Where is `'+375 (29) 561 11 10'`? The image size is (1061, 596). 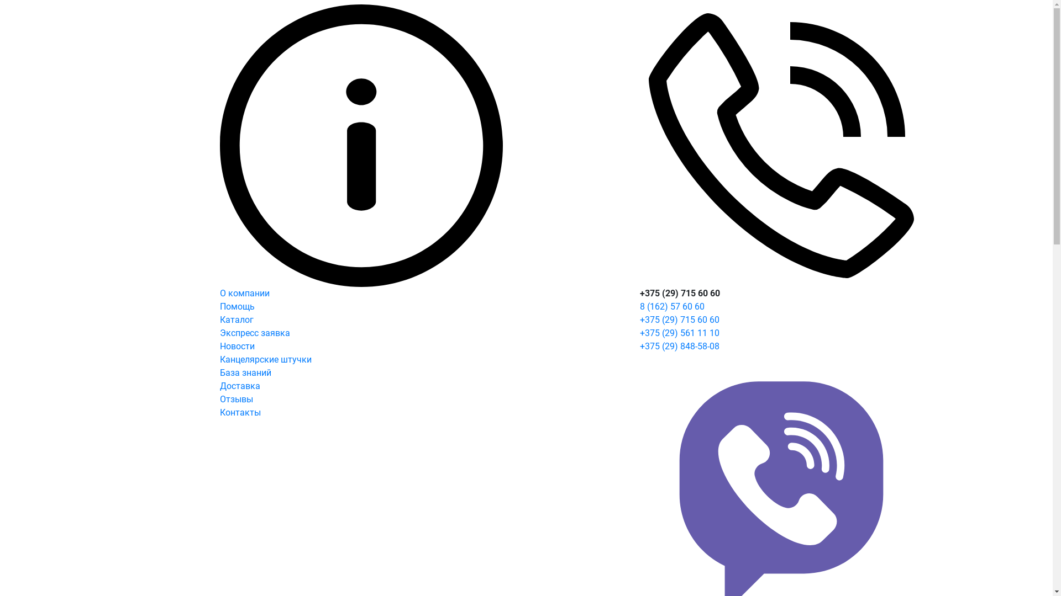 '+375 (29) 561 11 10' is located at coordinates (679, 332).